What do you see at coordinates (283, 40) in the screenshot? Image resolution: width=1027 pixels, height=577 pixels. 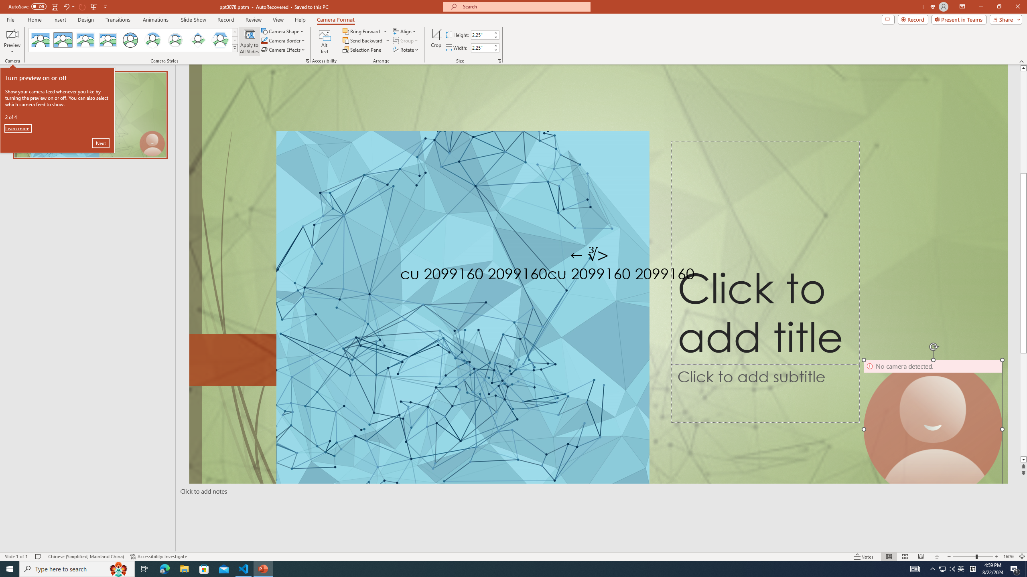 I see `'Camera Border'` at bounding box center [283, 40].